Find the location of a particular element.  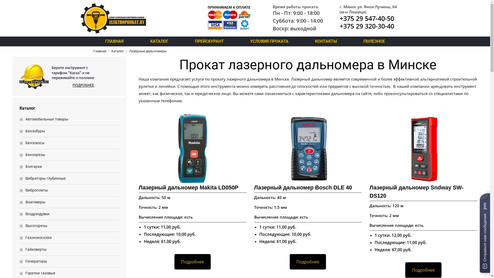

'+375 29 547-40-50' is located at coordinates (366, 18).